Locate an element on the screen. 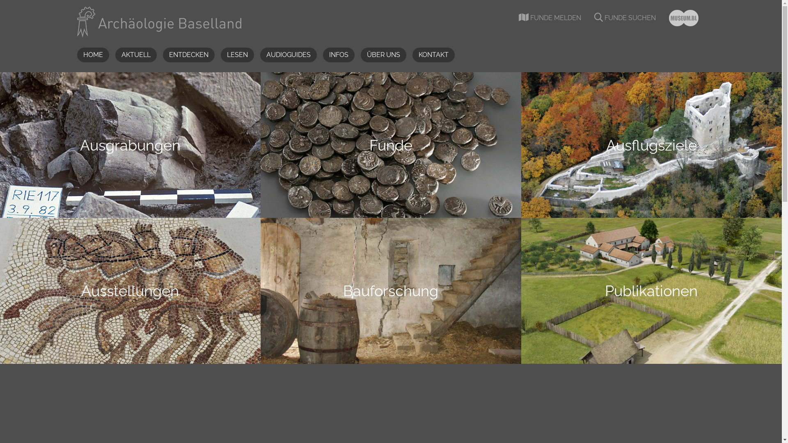 The height and width of the screenshot is (443, 788). 'Publikationen' is located at coordinates (651, 290).